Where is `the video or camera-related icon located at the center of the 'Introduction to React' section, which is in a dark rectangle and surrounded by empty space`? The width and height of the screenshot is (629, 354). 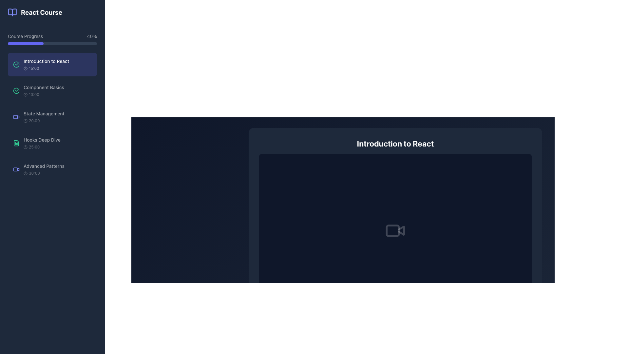
the video or camera-related icon located at the center of the 'Introduction to React' section, which is in a dark rectangle and surrounded by empty space is located at coordinates (395, 230).